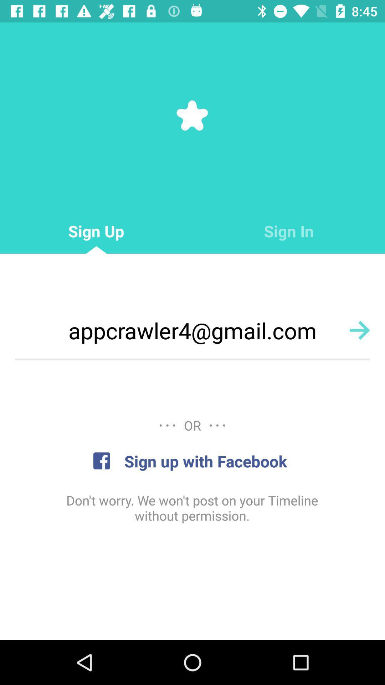 The height and width of the screenshot is (685, 385). I want to click on appcrawler4@gmail.com icon, so click(192, 330).